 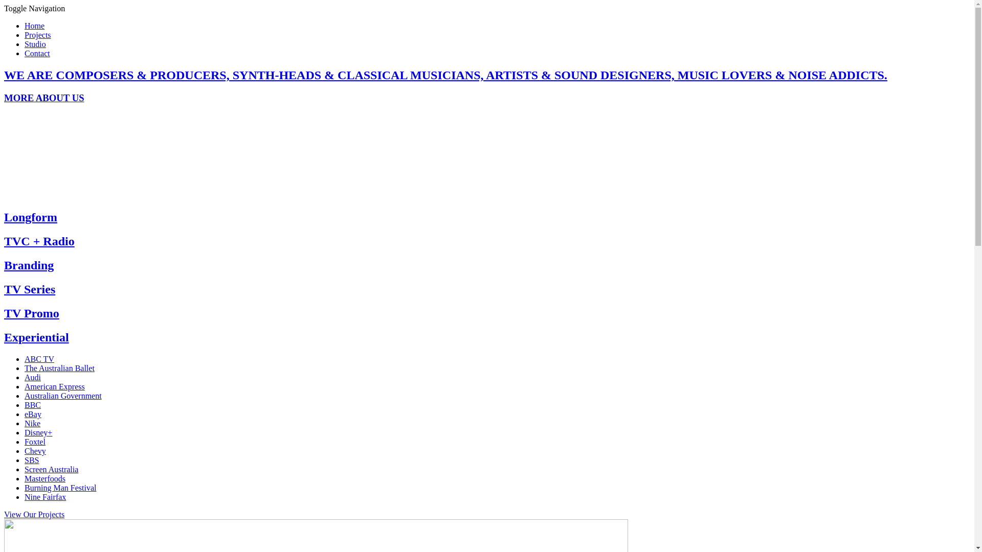 I want to click on 'Audi', so click(x=32, y=377).